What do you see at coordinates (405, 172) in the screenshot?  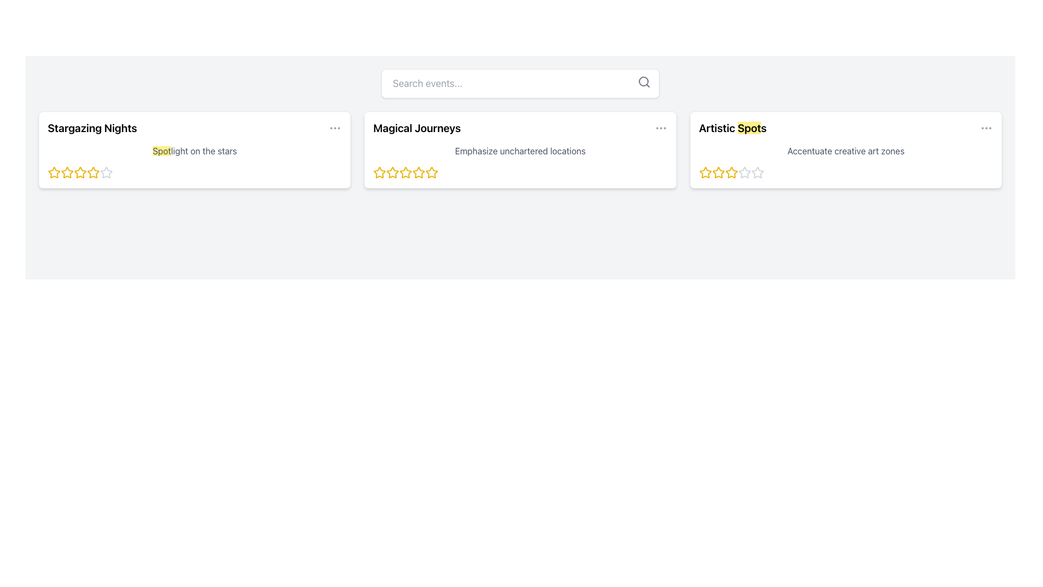 I see `the second star icon in the star rating system on the 'Magical Journeys' card to rate it` at bounding box center [405, 172].